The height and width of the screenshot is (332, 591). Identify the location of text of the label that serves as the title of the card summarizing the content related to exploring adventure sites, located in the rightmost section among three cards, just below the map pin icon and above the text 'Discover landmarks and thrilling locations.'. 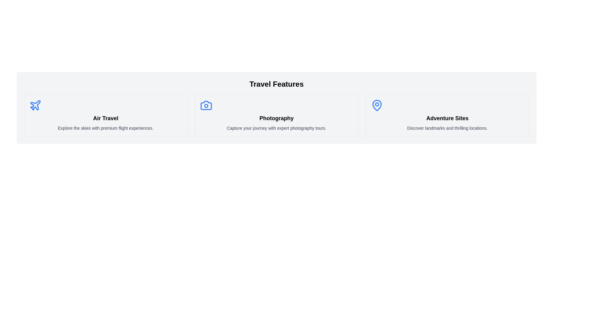
(447, 118).